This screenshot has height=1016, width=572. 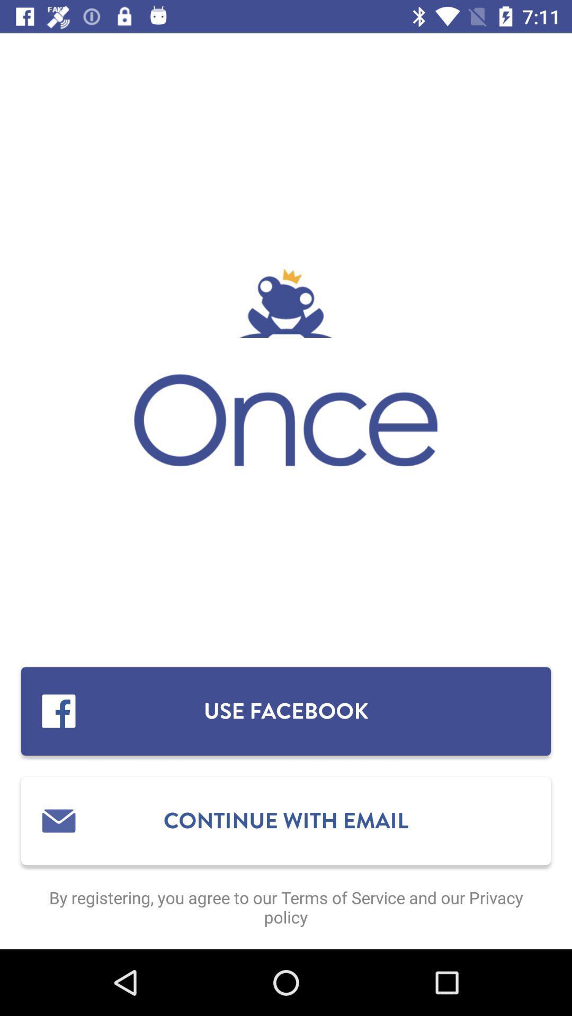 What do you see at coordinates (286, 906) in the screenshot?
I see `by registering you item` at bounding box center [286, 906].